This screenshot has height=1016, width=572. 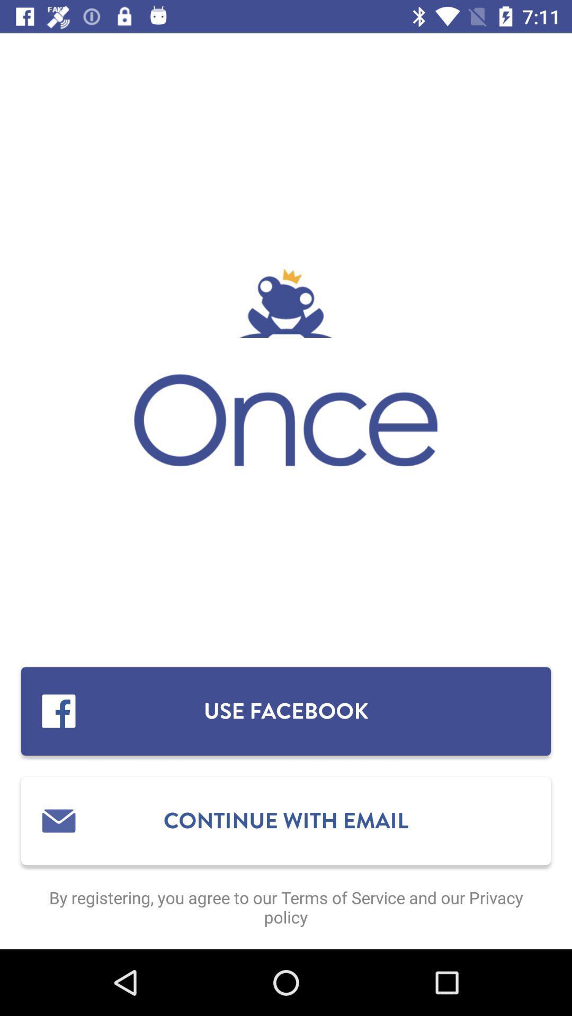 What do you see at coordinates (286, 906) in the screenshot?
I see `by registering you item` at bounding box center [286, 906].